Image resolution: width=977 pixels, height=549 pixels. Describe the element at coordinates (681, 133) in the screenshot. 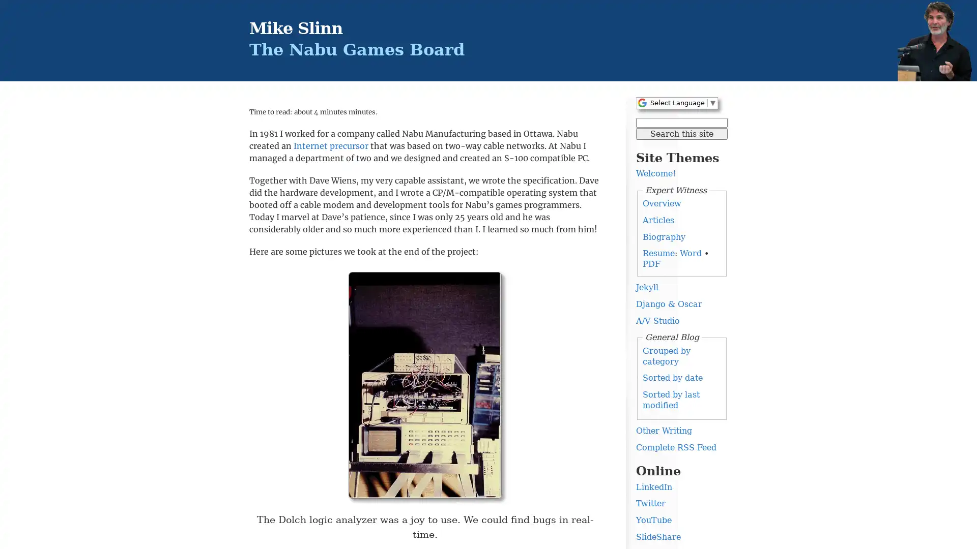

I see `Search this site` at that location.